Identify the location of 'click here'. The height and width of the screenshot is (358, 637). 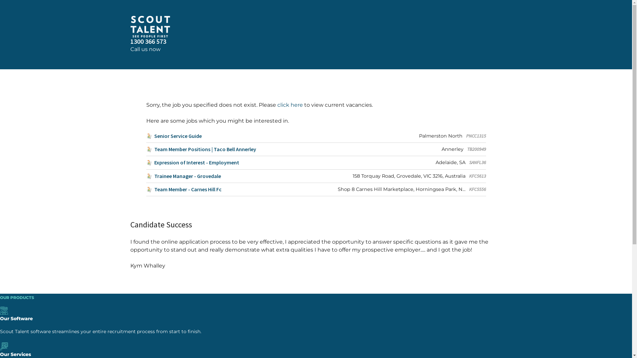
(290, 104).